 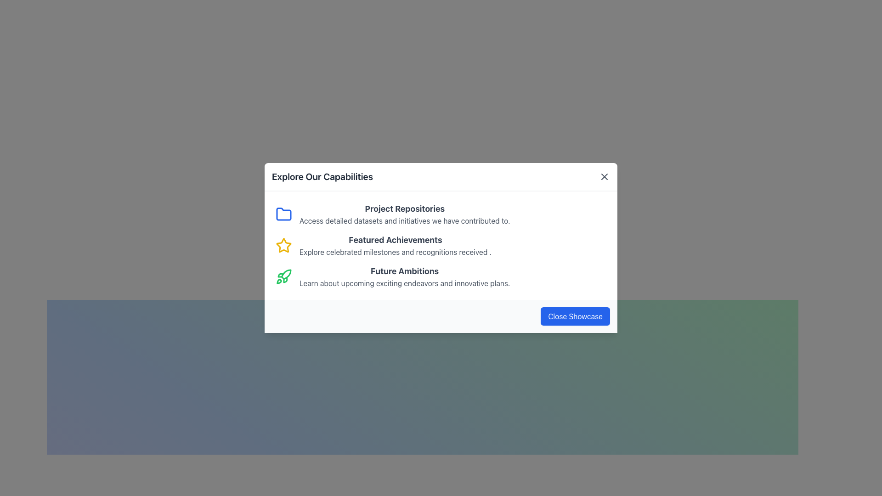 I want to click on the text block titled 'Featured Achievements' which is styled in bold gray font and is located centrally in the dialog box, positioned between 'Project Repositories' and 'Future Ambitions', so click(x=395, y=240).